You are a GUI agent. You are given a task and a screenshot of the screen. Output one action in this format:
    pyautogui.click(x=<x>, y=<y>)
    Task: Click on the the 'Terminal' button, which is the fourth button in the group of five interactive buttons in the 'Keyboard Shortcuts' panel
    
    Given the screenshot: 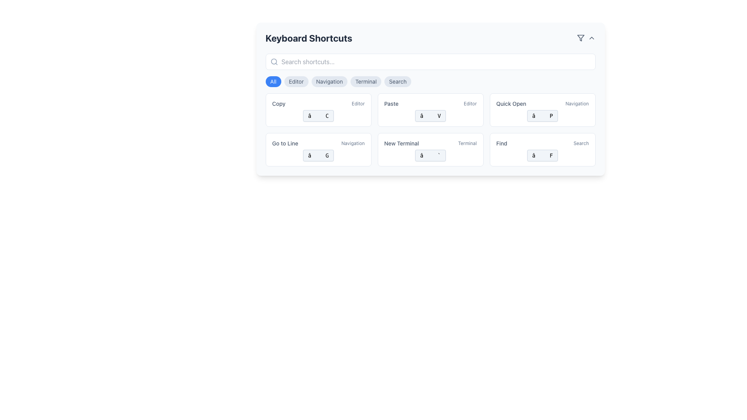 What is the action you would take?
    pyautogui.click(x=365, y=81)
    